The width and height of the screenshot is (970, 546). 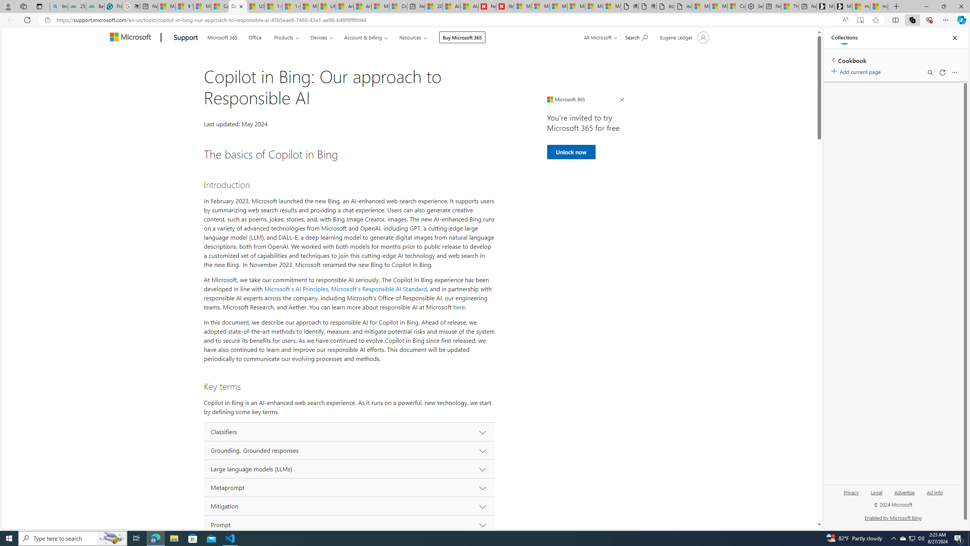 I want to click on 'Office', so click(x=255, y=36).